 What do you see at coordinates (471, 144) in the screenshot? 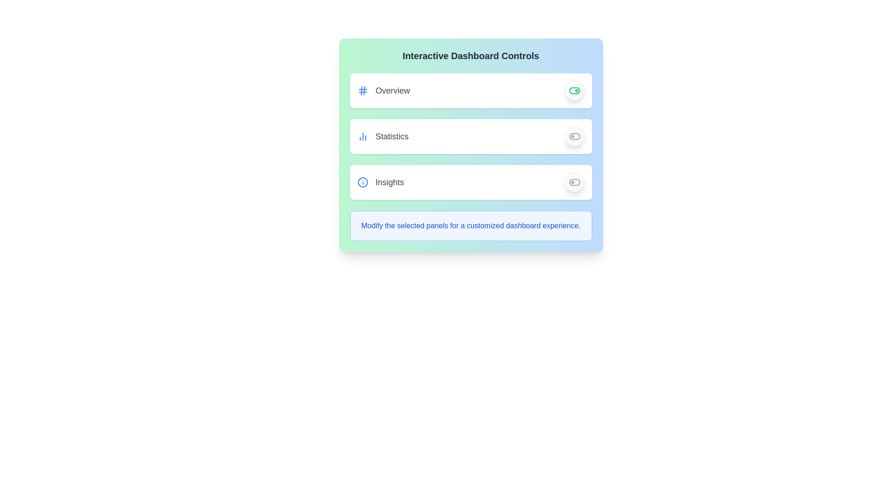
I see `the interactive elements within the panel titled 'Interactive Dashboard Controls', which contains the items 'Overview', 'Statistics', and 'Insights'` at bounding box center [471, 144].